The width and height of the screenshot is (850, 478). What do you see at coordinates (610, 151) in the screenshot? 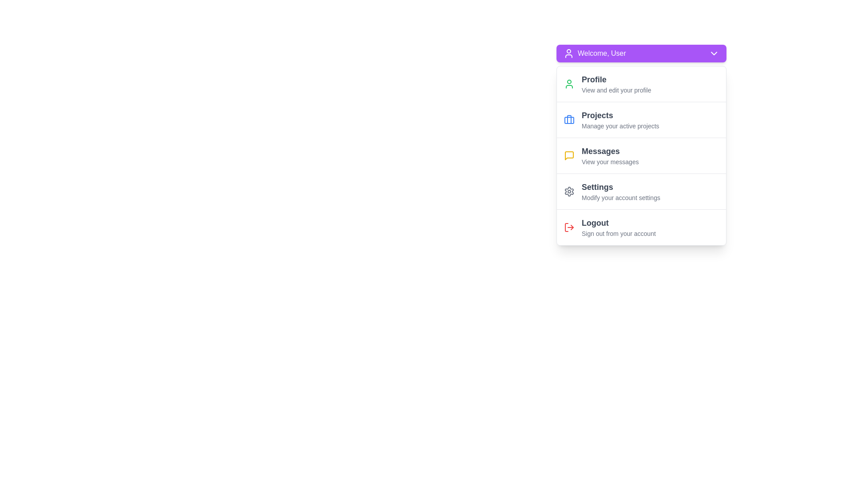
I see `the 'Messages' text label in the menu, which is the third item below the purple user profile bar and above the 'Settings' section` at bounding box center [610, 151].